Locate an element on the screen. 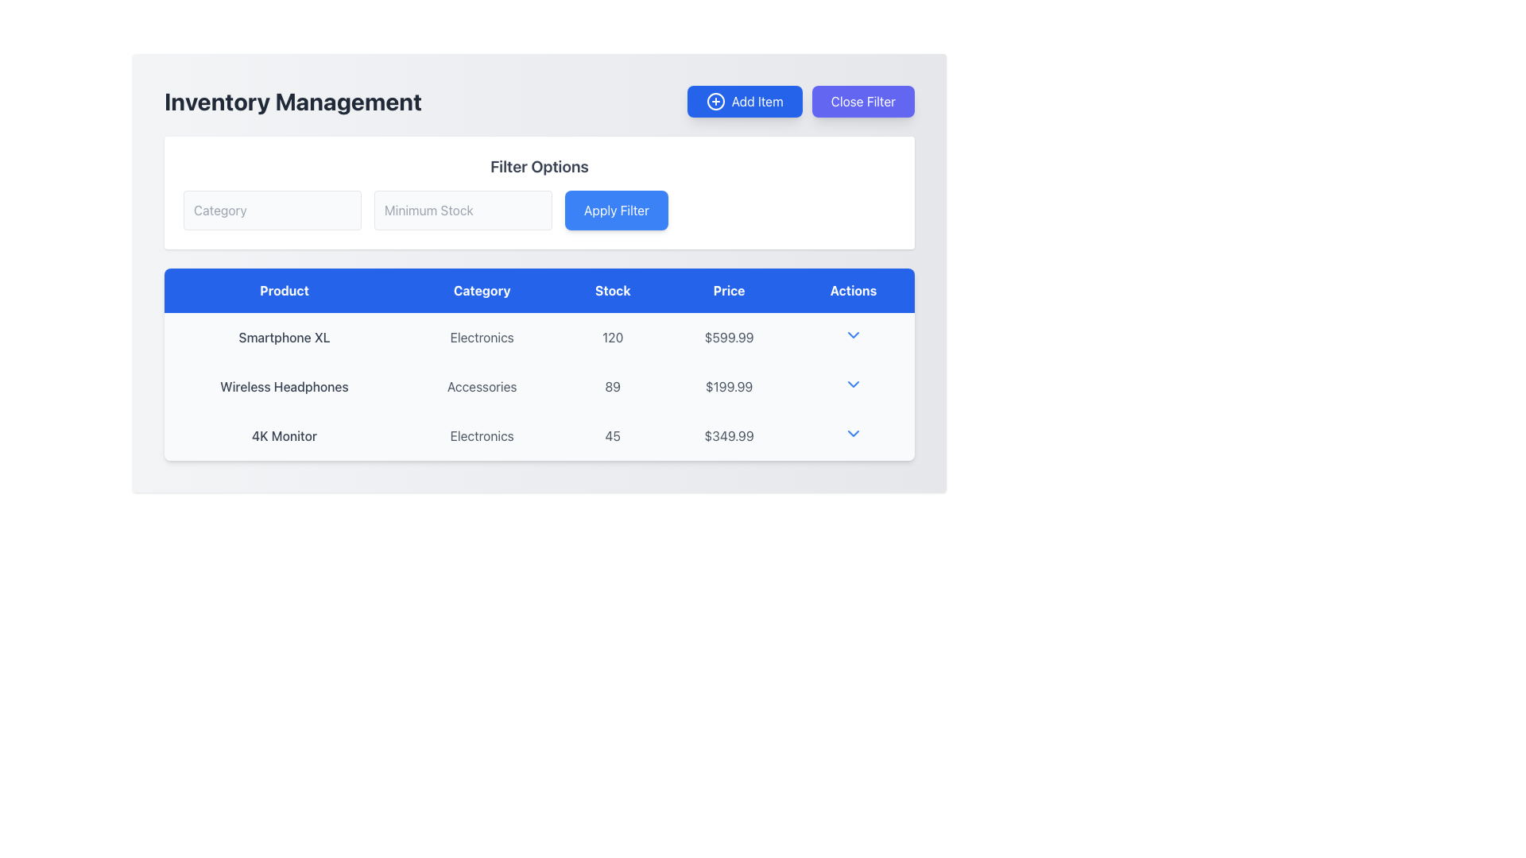 Image resolution: width=1526 pixels, height=858 pixels. text displaying the value '120' in the 'Stock' column of the 'Inventory Management' section, which represents the product 'Smartphone XL' is located at coordinates (612, 336).